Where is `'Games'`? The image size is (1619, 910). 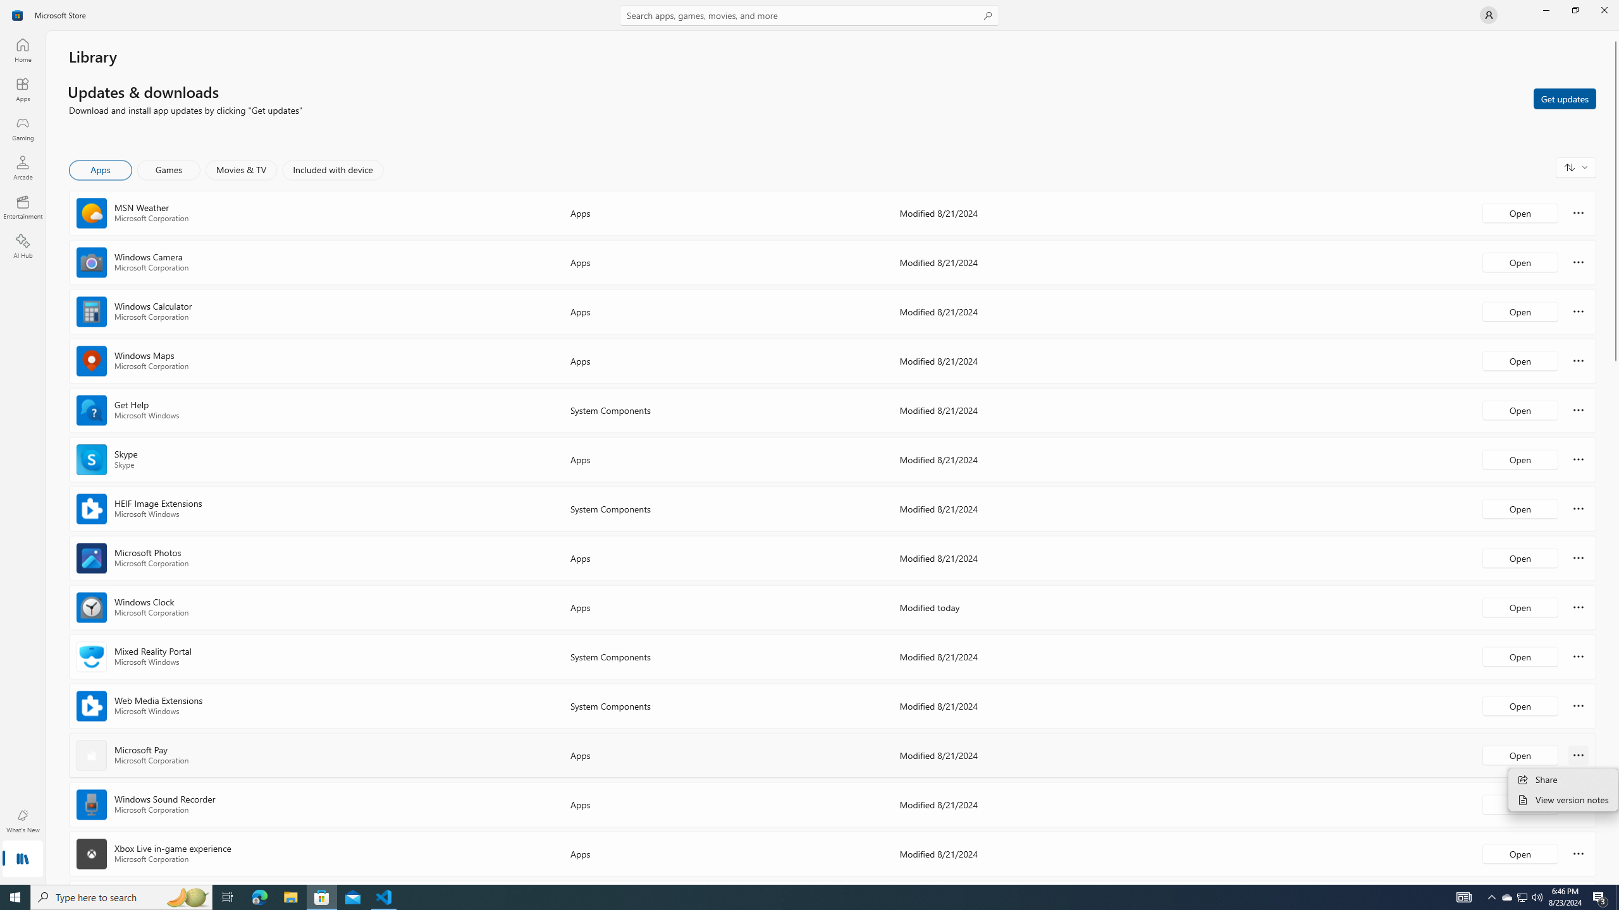 'Games' is located at coordinates (168, 169).